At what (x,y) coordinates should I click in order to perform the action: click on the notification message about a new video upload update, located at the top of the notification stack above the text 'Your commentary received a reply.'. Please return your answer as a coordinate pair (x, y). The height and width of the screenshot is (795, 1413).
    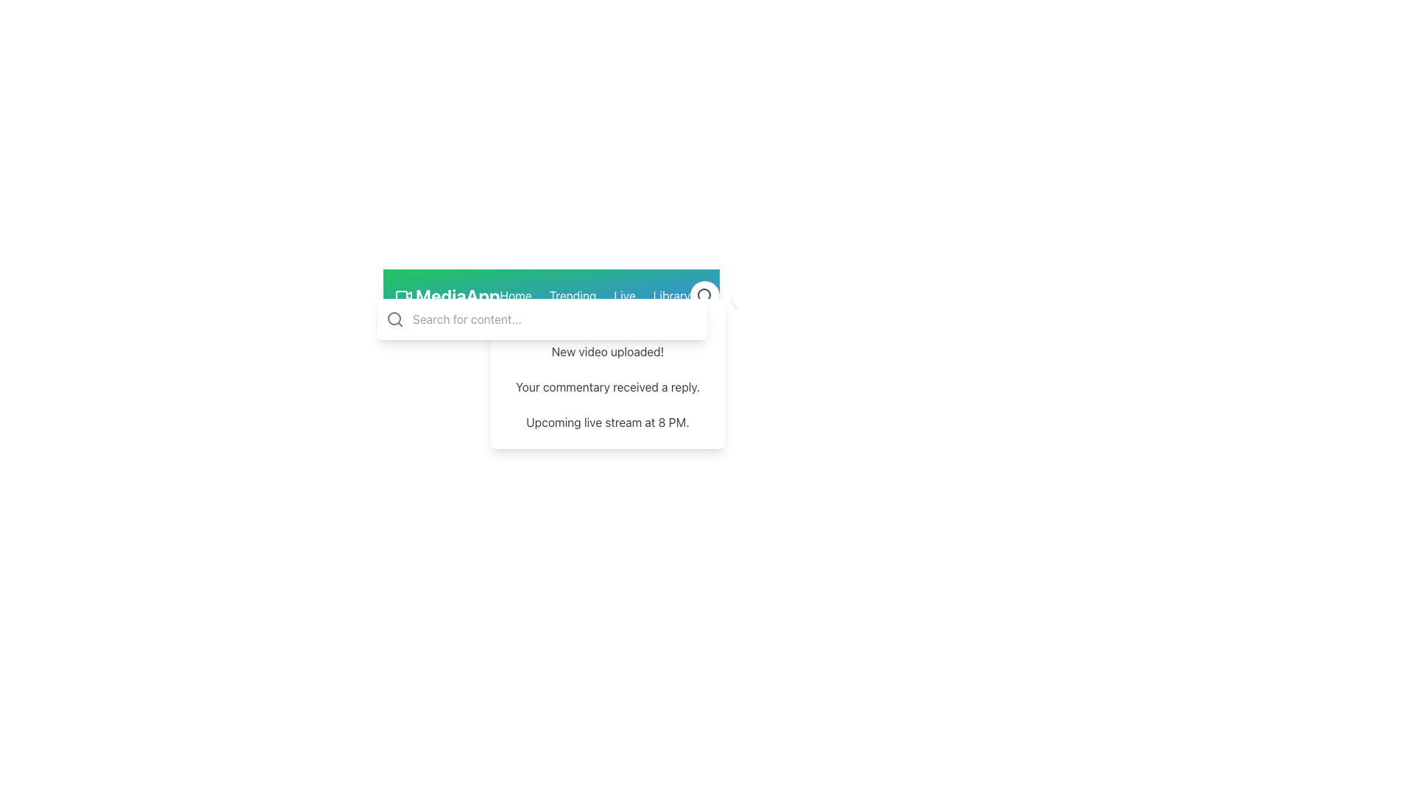
    Looking at the image, I should click on (607, 352).